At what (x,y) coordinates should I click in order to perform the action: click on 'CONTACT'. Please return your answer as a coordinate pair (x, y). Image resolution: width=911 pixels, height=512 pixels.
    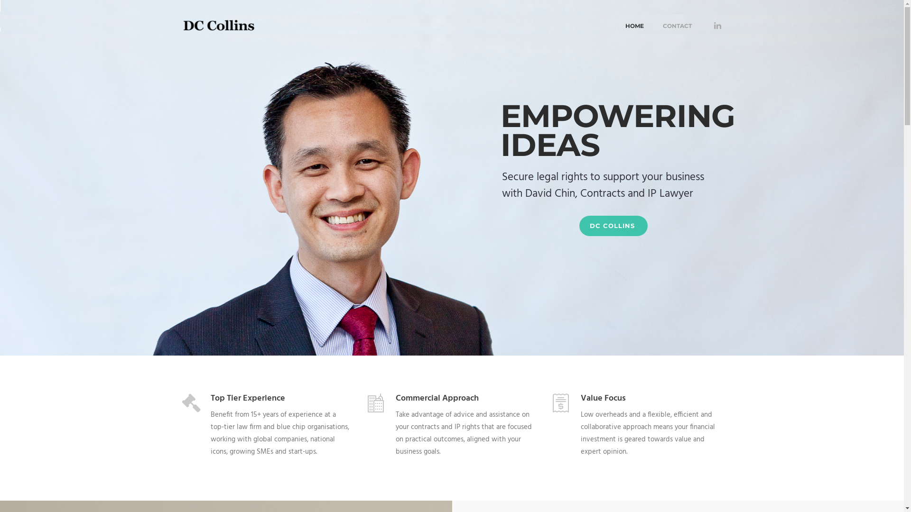
    Looking at the image, I should click on (652, 24).